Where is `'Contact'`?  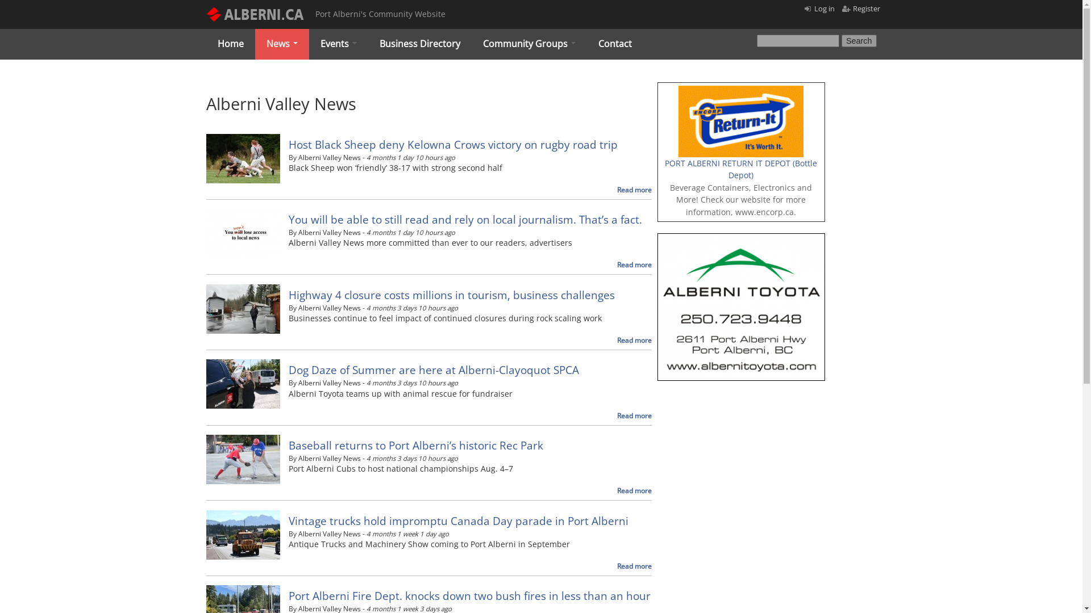
'Contact' is located at coordinates (614, 43).